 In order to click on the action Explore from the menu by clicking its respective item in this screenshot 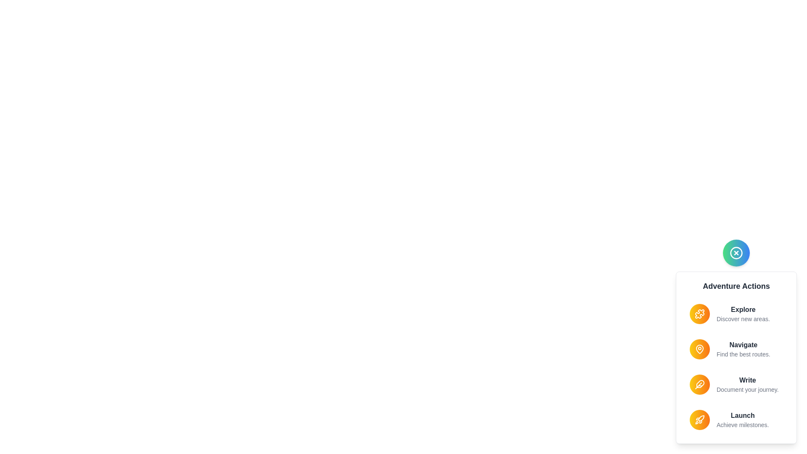, I will do `click(736, 314)`.